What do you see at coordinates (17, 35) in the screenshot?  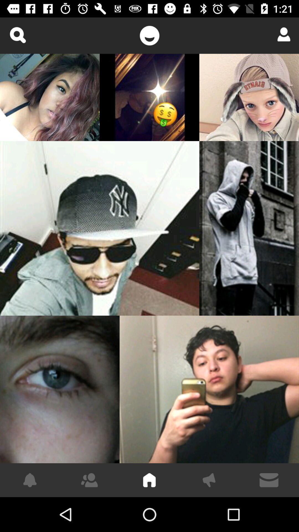 I see `search button` at bounding box center [17, 35].